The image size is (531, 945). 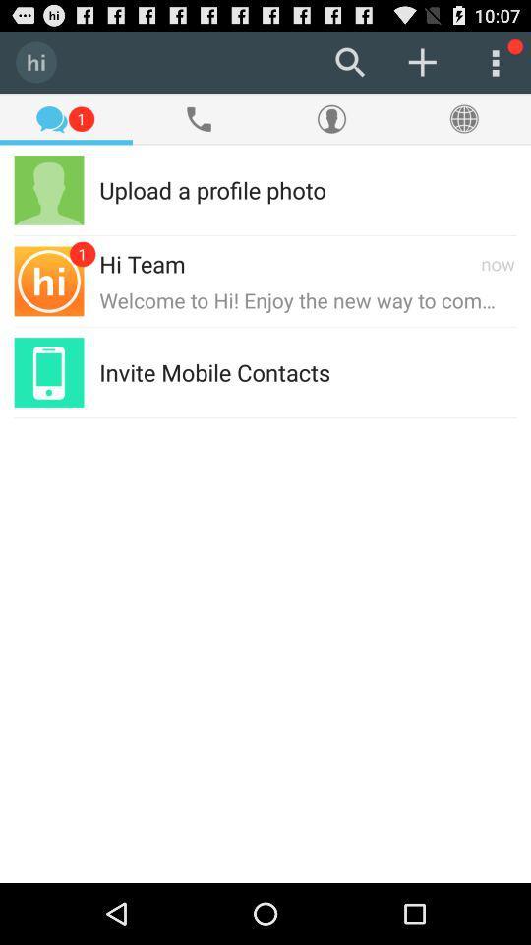 I want to click on the item below the hi team item, so click(x=308, y=299).